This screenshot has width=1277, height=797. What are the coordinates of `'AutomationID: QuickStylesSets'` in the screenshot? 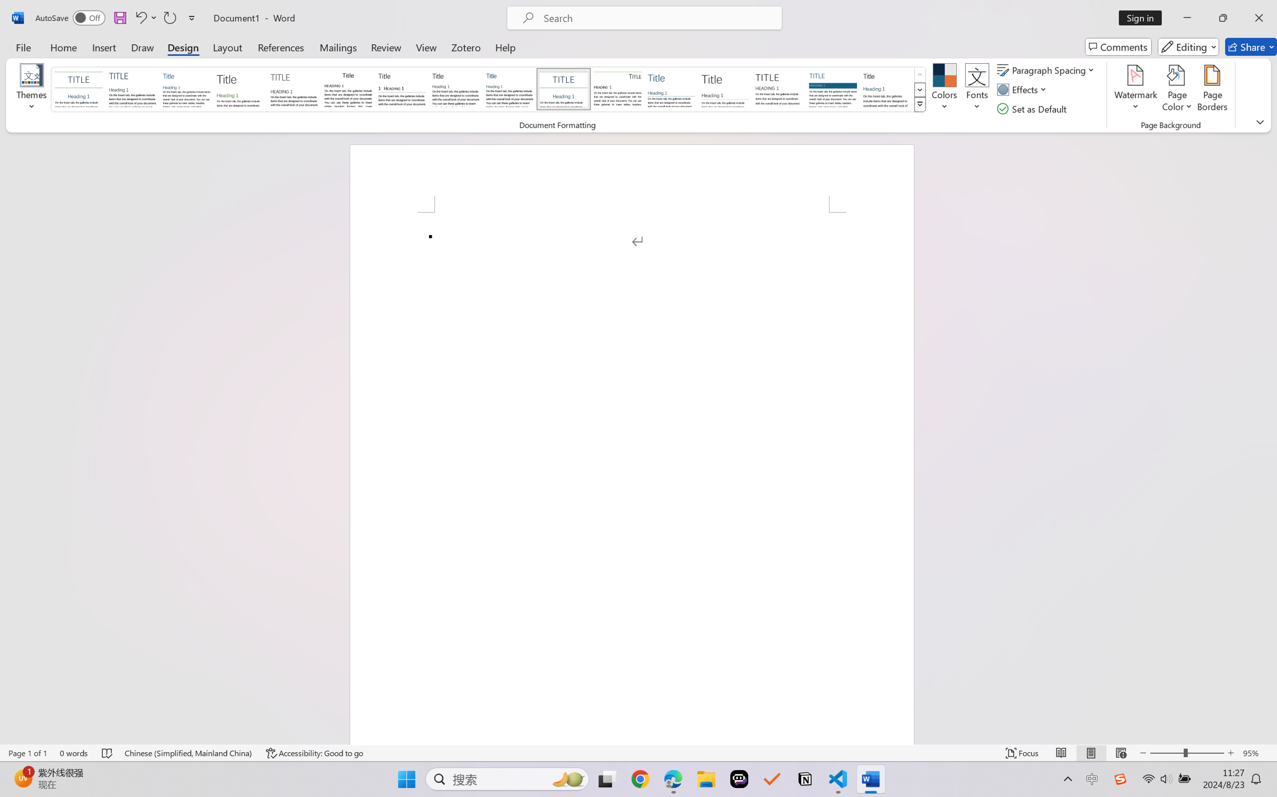 It's located at (488, 90).